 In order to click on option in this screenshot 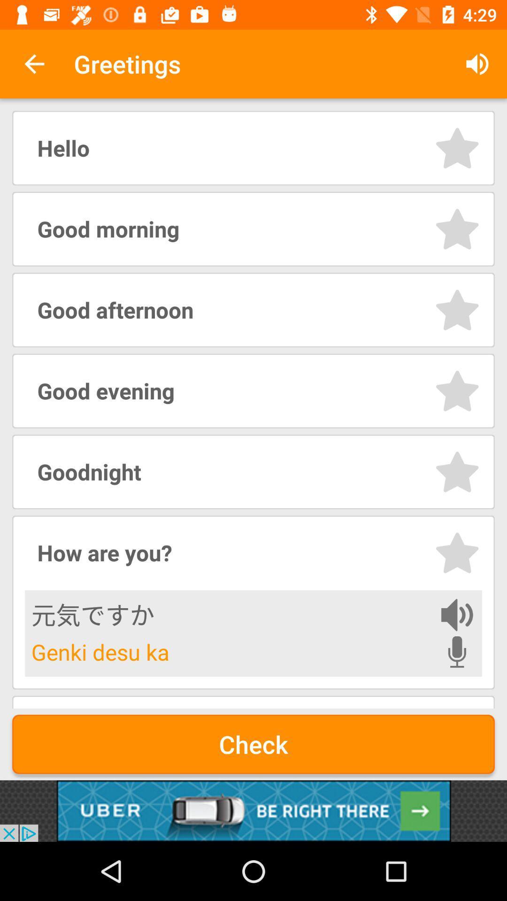, I will do `click(457, 229)`.